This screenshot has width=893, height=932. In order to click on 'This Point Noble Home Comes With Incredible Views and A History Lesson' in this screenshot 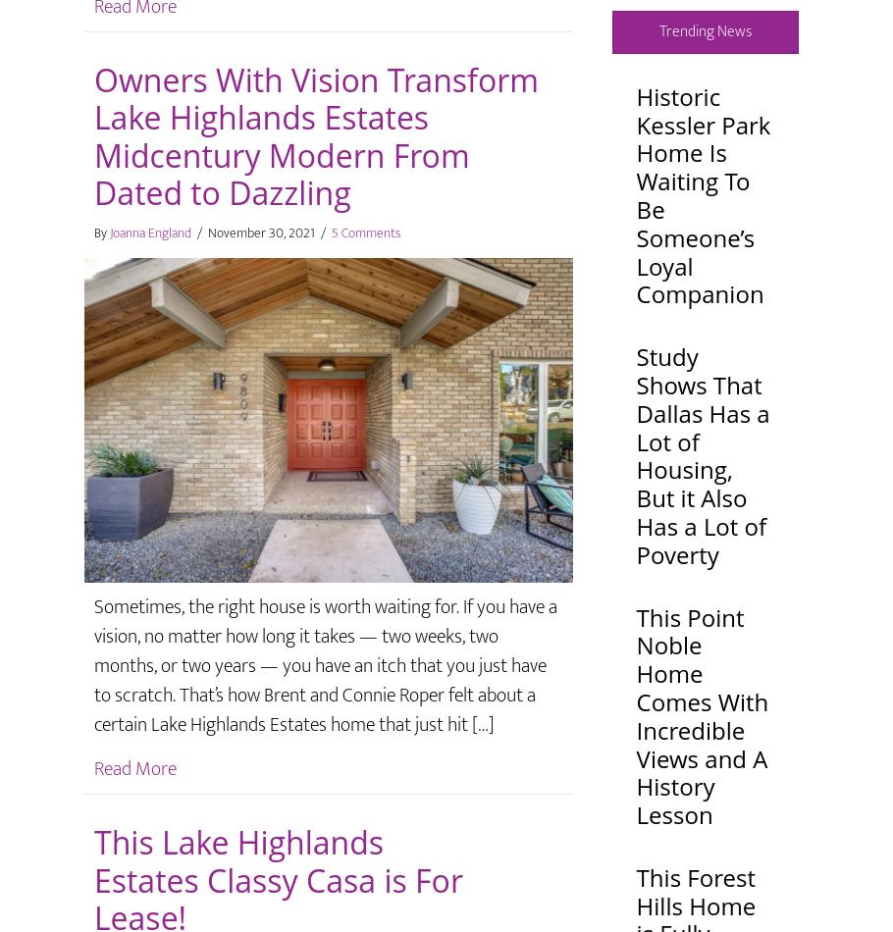, I will do `click(702, 714)`.